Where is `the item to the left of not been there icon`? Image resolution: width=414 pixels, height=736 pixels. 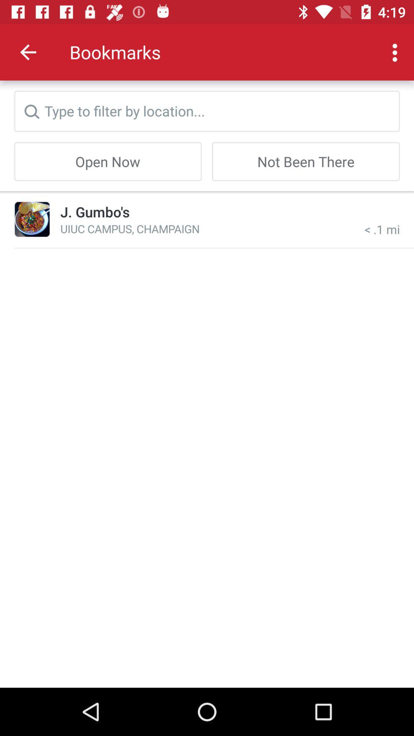 the item to the left of not been there icon is located at coordinates (108, 161).